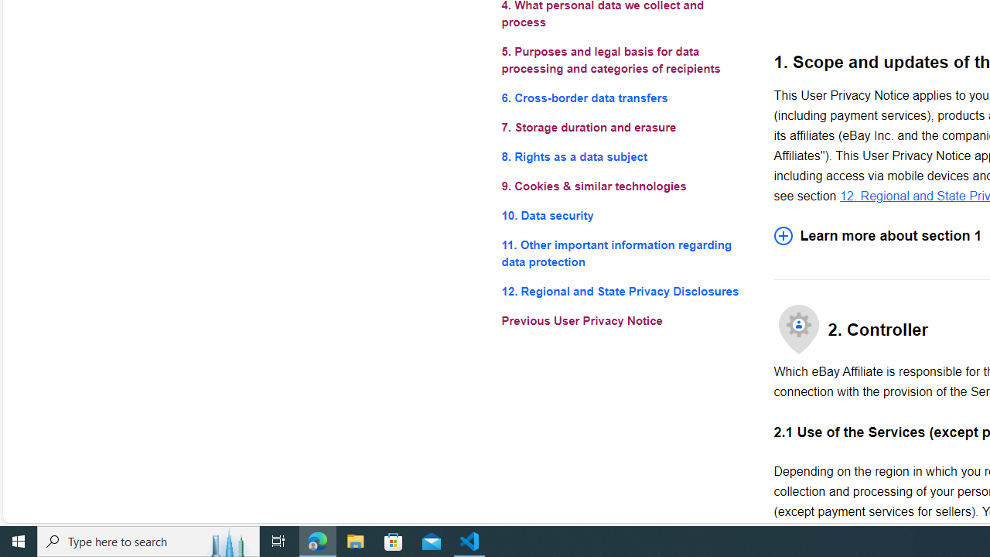 This screenshot has width=990, height=557. Describe the element at coordinates (625, 186) in the screenshot. I see `'9. Cookies & similar technologies'` at that location.